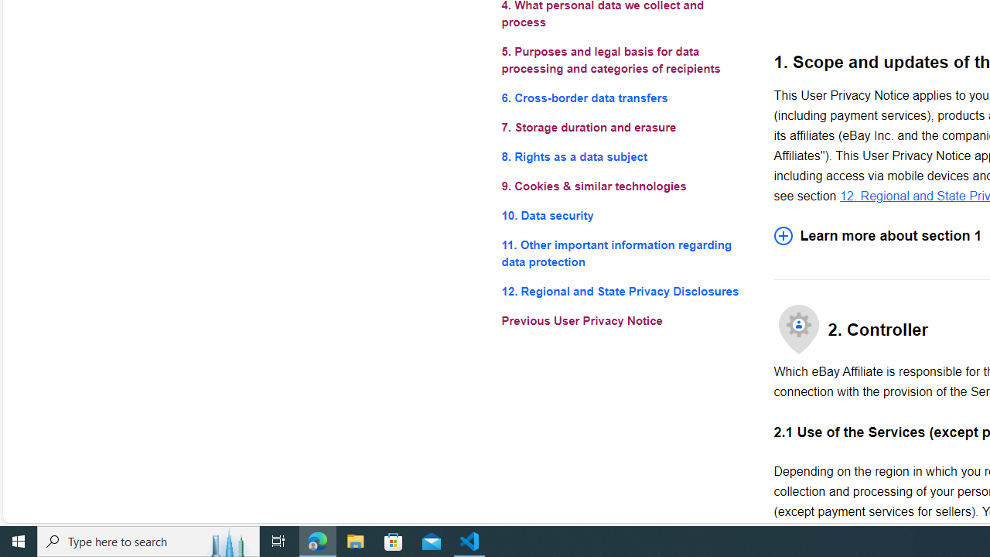 This screenshot has width=990, height=557. Describe the element at coordinates (625, 186) in the screenshot. I see `'9. Cookies & similar technologies'` at that location.